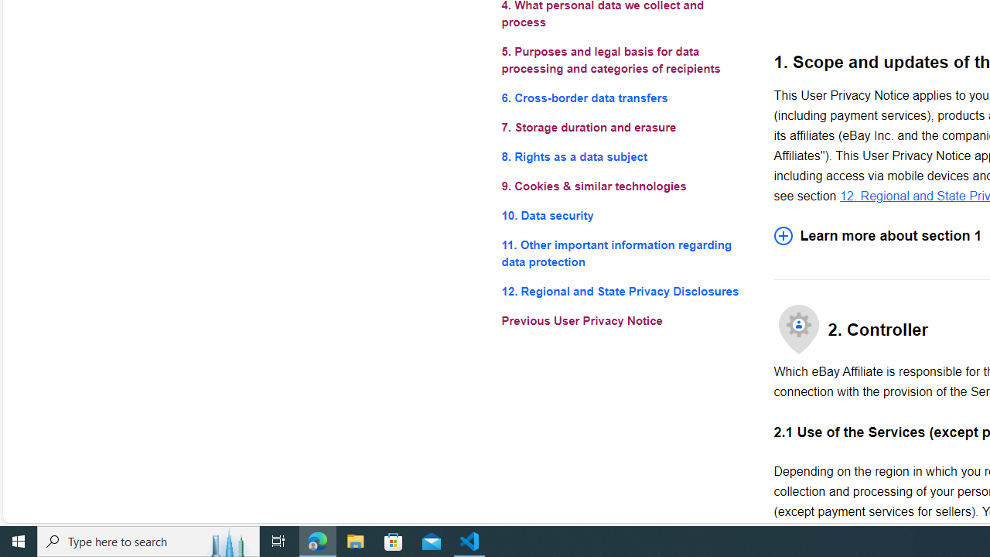 This screenshot has width=990, height=557. Describe the element at coordinates (625, 186) in the screenshot. I see `'9. Cookies & similar technologies'` at that location.